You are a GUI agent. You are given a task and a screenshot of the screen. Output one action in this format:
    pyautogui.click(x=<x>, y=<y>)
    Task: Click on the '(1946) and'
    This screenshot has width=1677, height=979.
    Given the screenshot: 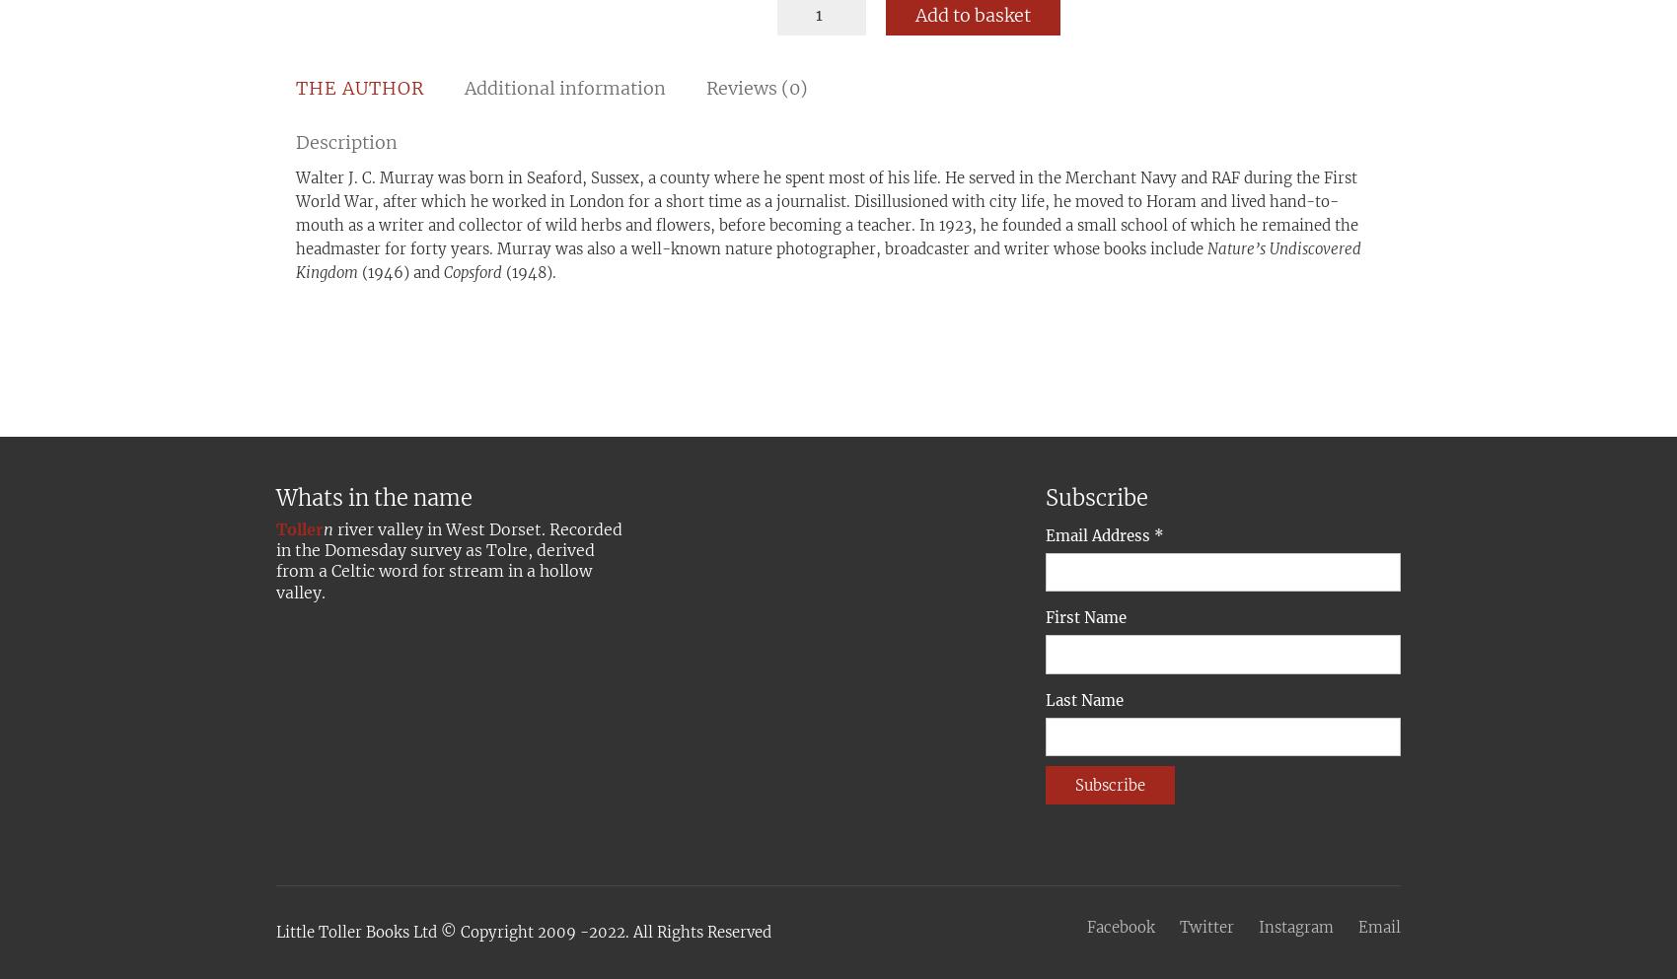 What is the action you would take?
    pyautogui.click(x=400, y=272)
    